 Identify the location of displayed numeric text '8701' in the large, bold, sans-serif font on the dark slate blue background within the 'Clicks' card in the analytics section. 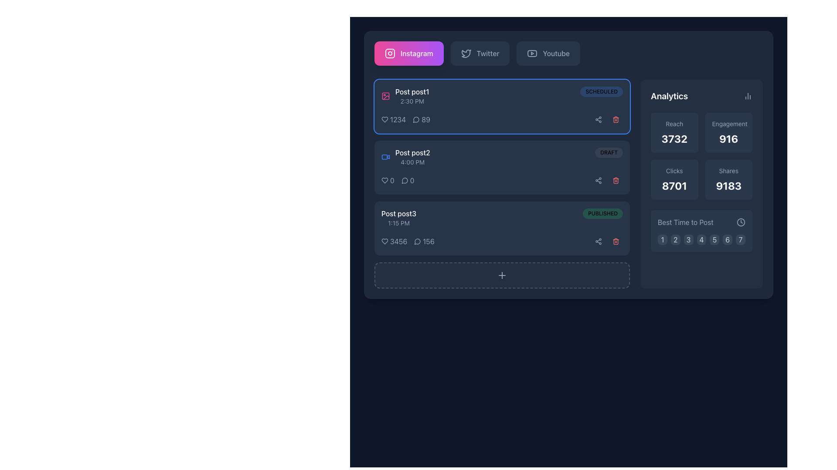
(674, 185).